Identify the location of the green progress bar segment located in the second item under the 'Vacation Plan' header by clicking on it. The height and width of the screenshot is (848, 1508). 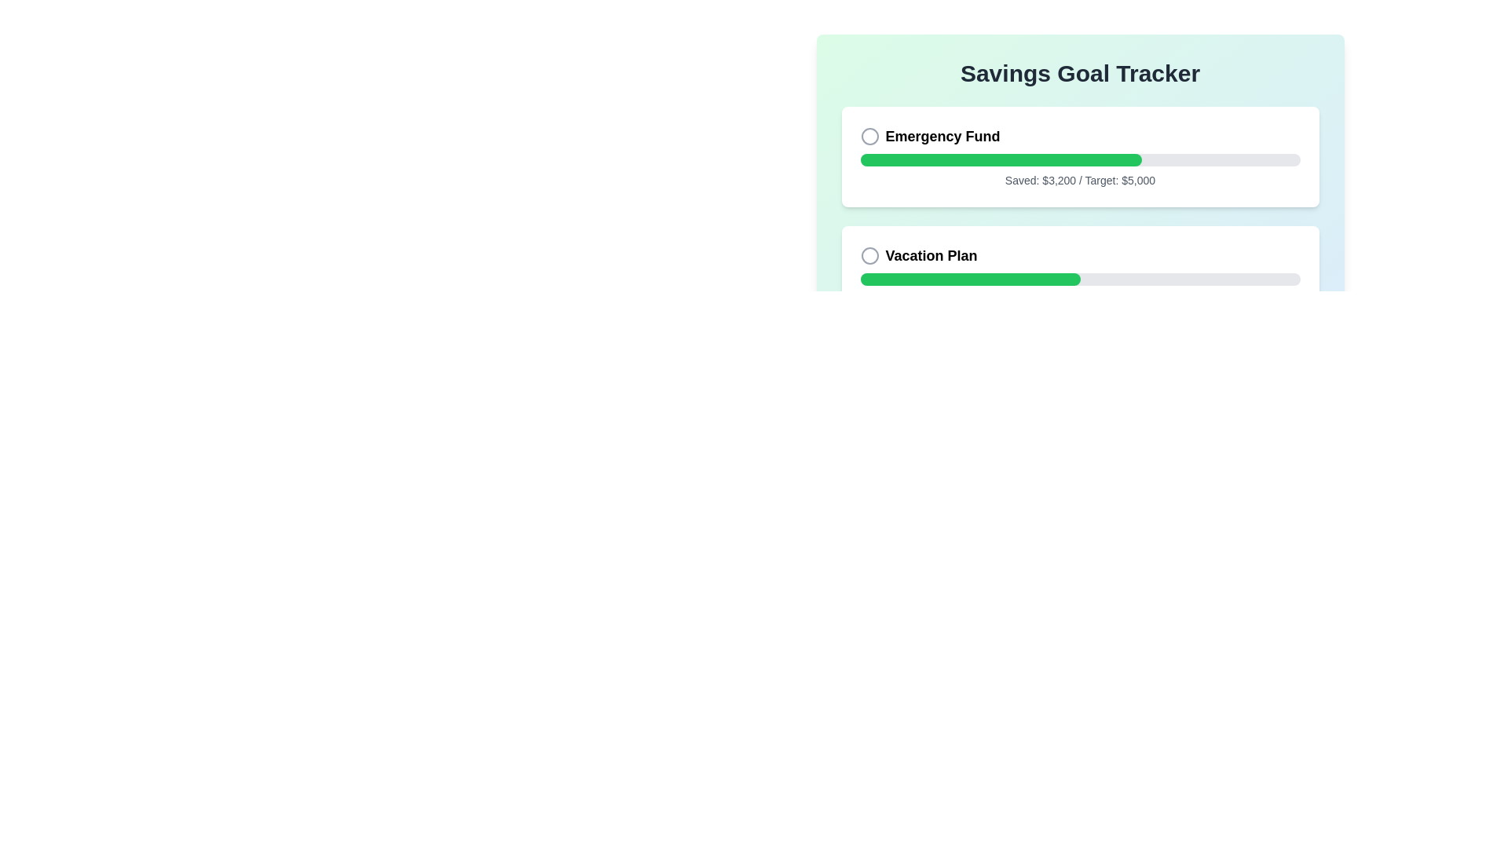
(968, 278).